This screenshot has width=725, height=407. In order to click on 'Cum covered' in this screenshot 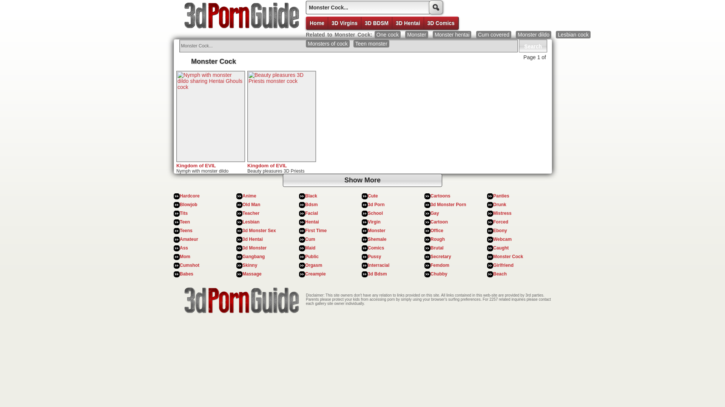, I will do `click(494, 35)`.